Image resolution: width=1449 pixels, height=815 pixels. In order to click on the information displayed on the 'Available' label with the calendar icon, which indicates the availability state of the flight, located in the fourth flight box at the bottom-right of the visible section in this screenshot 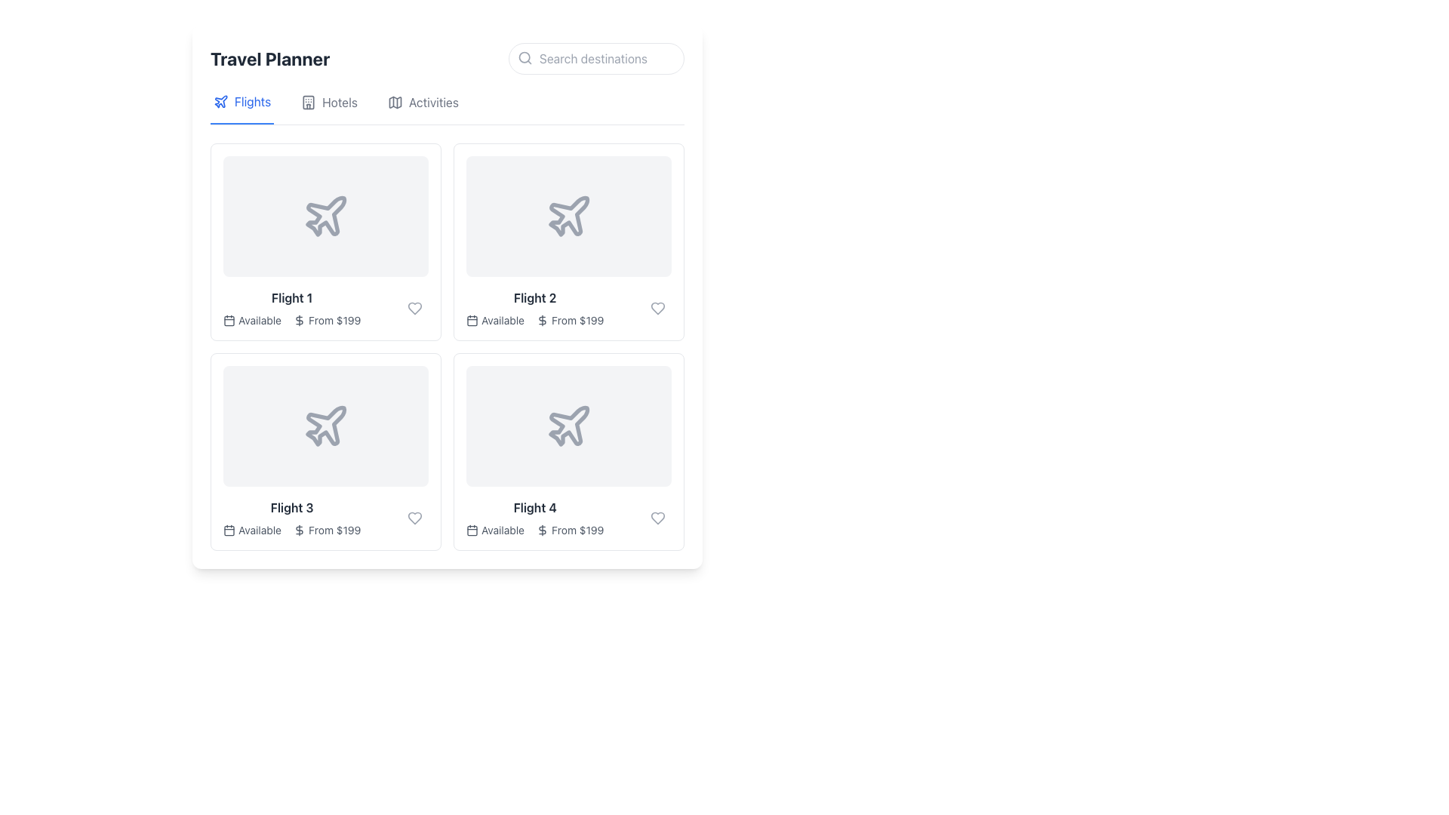, I will do `click(495, 529)`.